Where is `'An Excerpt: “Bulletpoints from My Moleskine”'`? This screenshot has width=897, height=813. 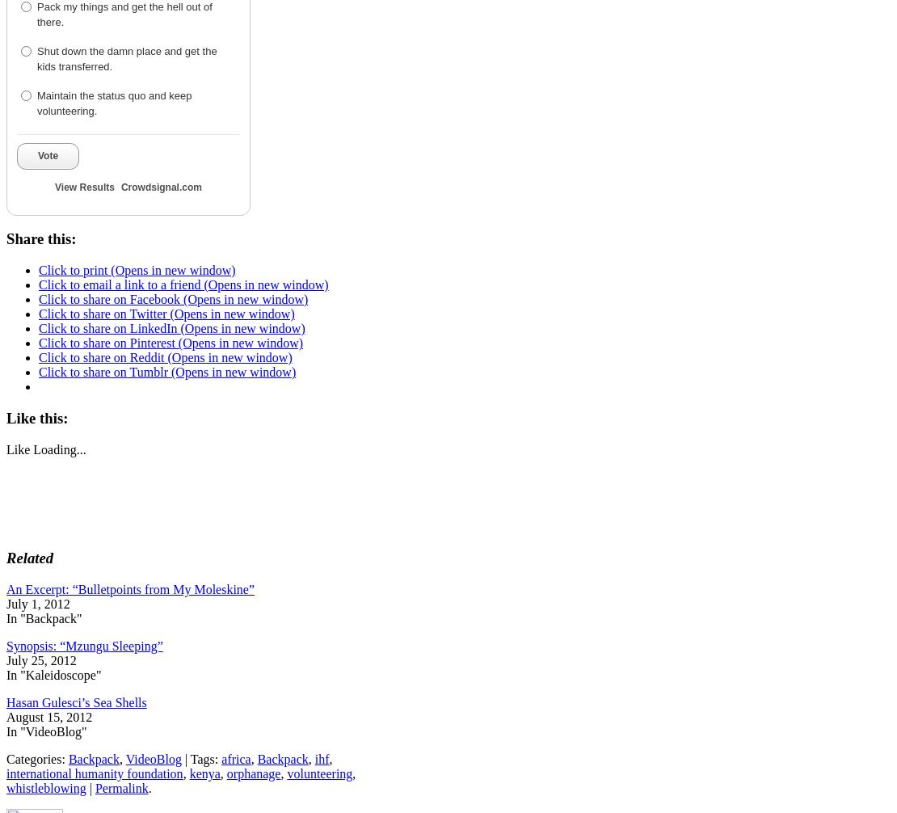
'An Excerpt: “Bulletpoints from My Moleskine”' is located at coordinates (130, 588).